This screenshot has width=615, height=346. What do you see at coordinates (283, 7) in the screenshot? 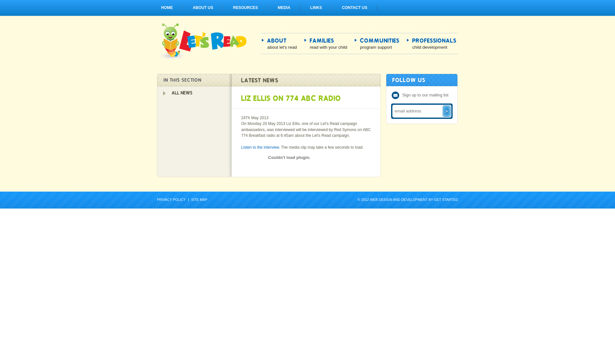
I see `'MEDIA'` at bounding box center [283, 7].